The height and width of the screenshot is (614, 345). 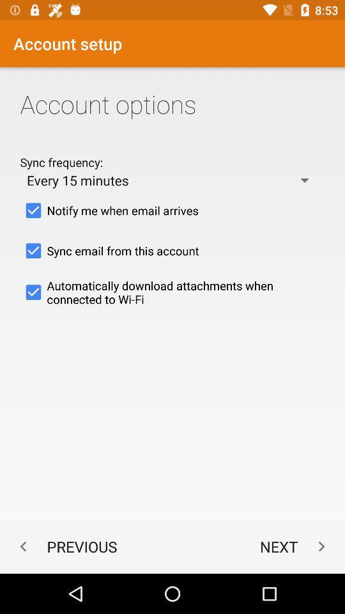 I want to click on the item above the automatically download attachments icon, so click(x=172, y=250).